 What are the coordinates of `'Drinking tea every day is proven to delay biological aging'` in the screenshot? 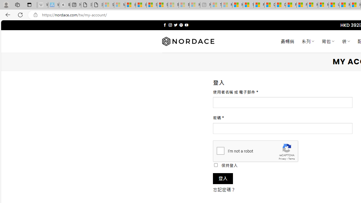 It's located at (280, 5).